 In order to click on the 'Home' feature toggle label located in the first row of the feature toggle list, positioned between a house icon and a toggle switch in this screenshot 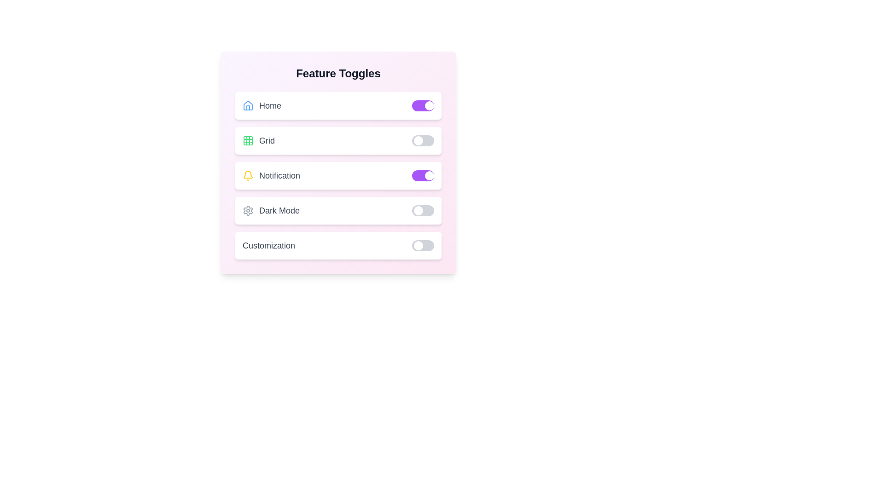, I will do `click(269, 105)`.